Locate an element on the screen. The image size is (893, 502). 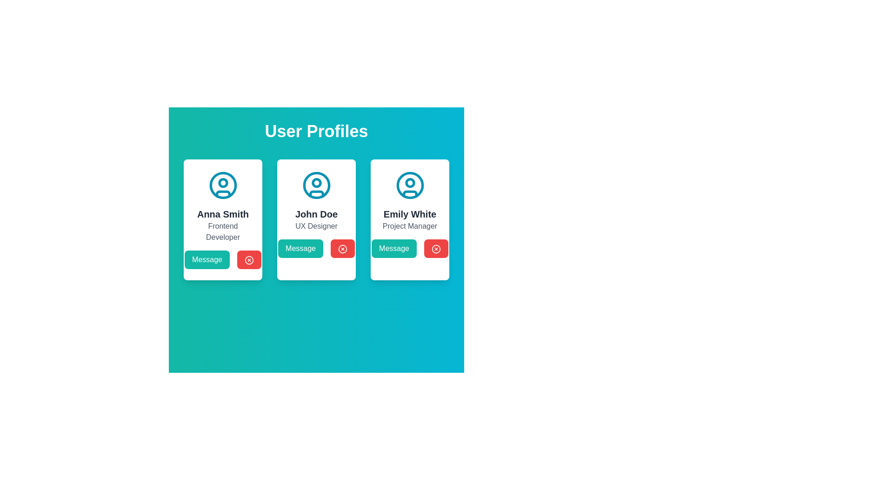
the first button in the bottom-right section of the card labeled 'Emily White' to initiate a messaging action is located at coordinates (409, 248).